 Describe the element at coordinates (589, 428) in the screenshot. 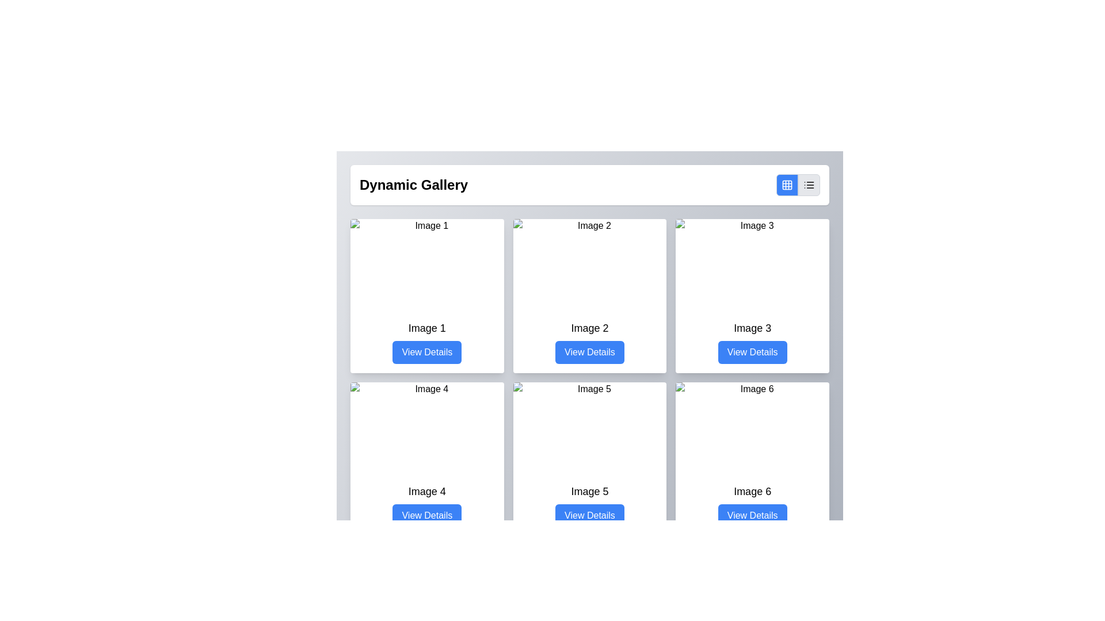

I see `the image element displaying 'Image 5' located in the upper part of the second row, center column of the grid layout below 'Dynamic Gallery'` at that location.